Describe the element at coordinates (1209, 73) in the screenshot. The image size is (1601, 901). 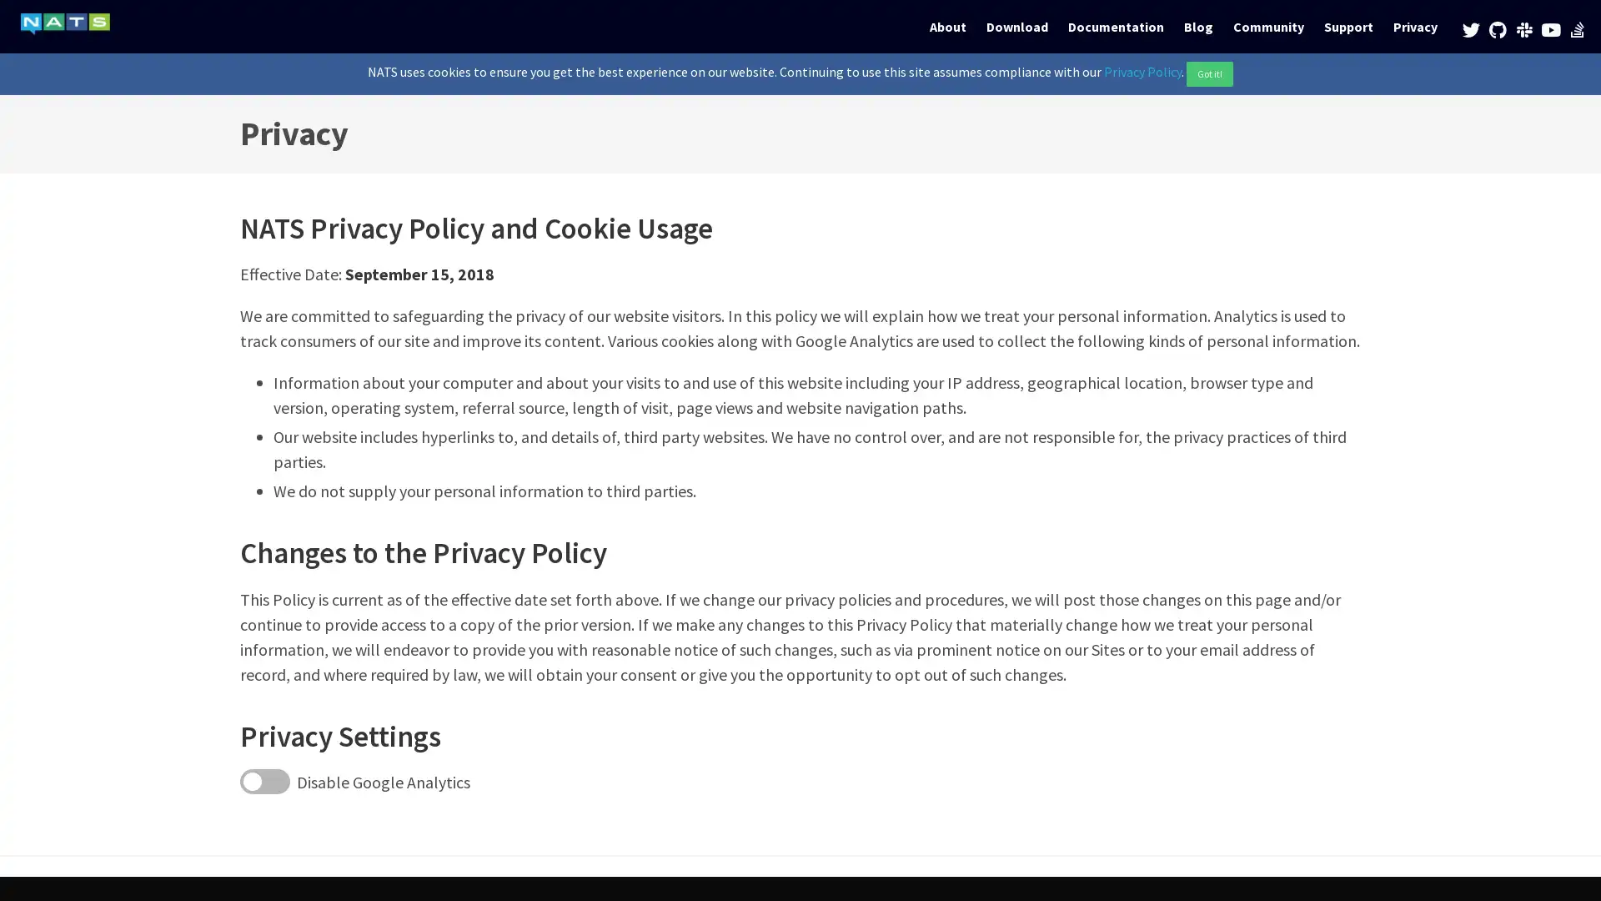
I see `Got it!` at that location.